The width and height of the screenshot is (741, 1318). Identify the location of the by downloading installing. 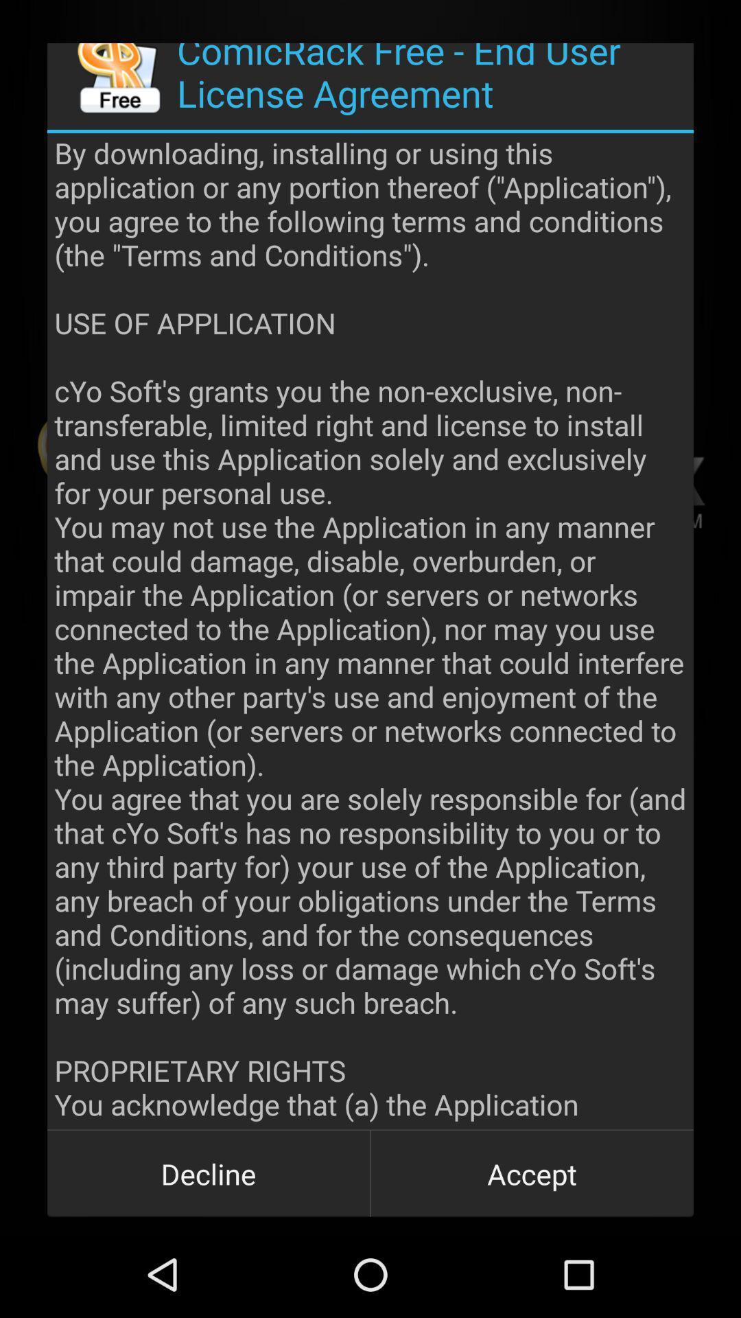
(370, 630).